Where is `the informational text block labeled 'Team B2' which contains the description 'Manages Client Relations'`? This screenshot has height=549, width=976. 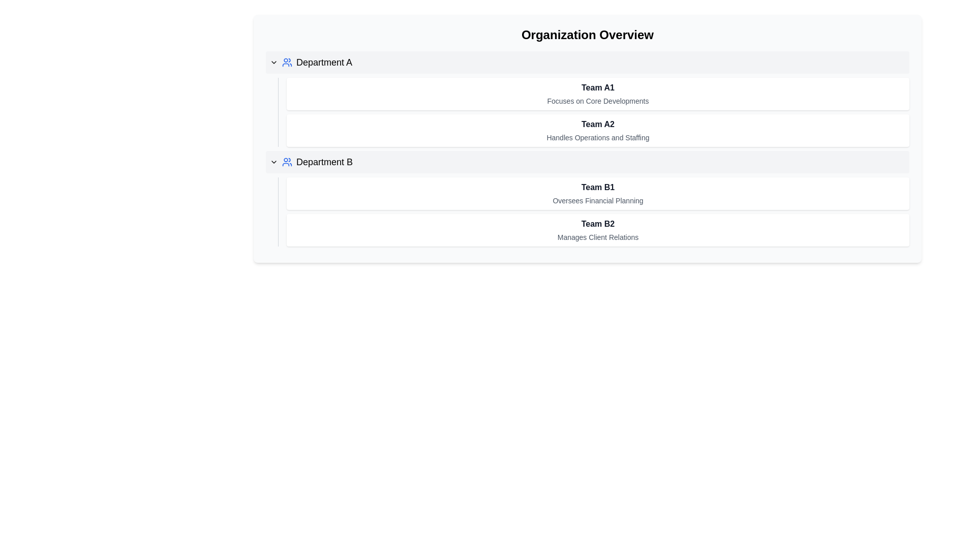 the informational text block labeled 'Team B2' which contains the description 'Manages Client Relations' is located at coordinates (598, 230).